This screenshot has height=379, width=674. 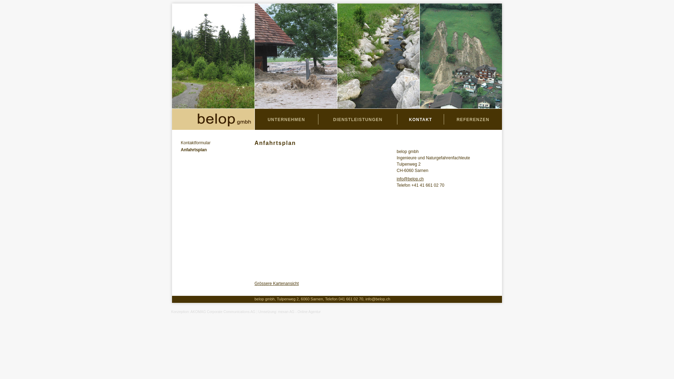 I want to click on 'Kontaktformular', so click(x=217, y=143).